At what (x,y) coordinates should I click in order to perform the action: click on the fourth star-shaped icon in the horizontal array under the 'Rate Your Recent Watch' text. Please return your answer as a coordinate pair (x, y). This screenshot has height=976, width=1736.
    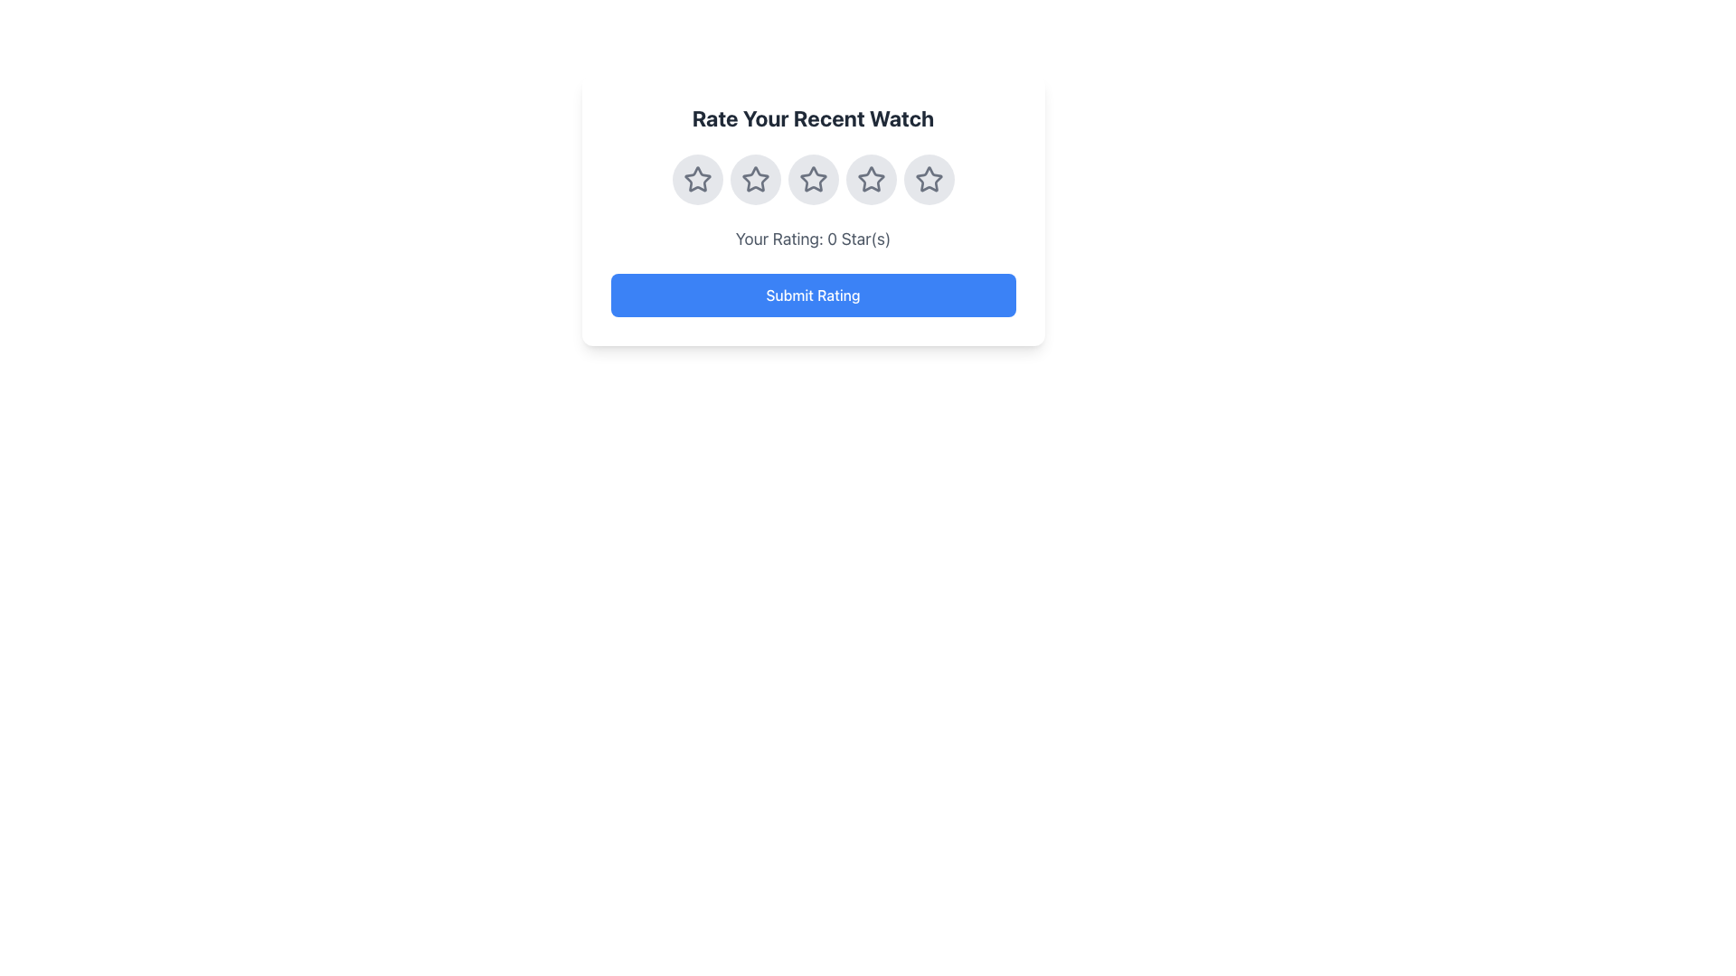
    Looking at the image, I should click on (871, 179).